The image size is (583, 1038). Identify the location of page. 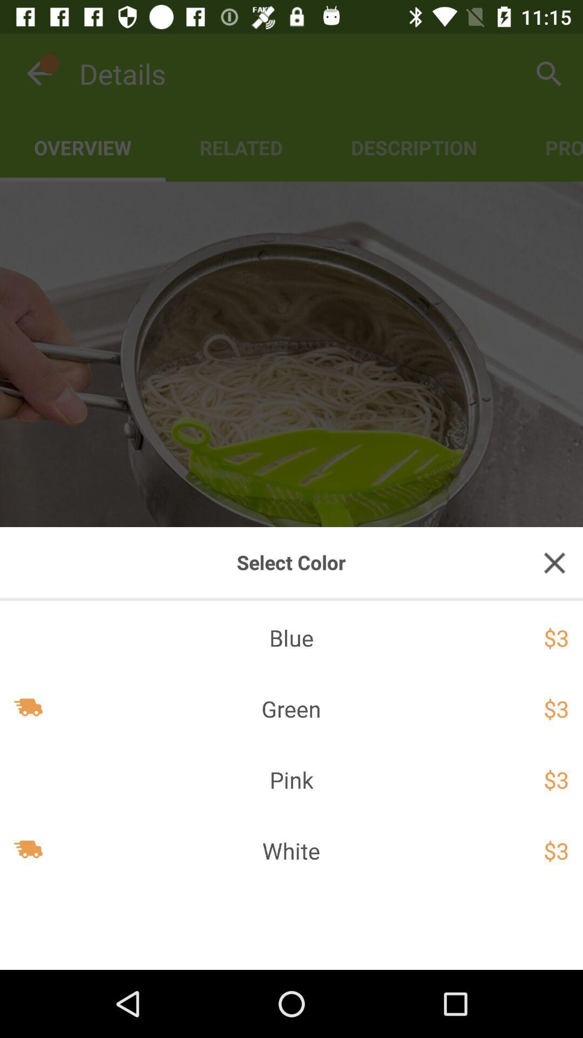
(554, 562).